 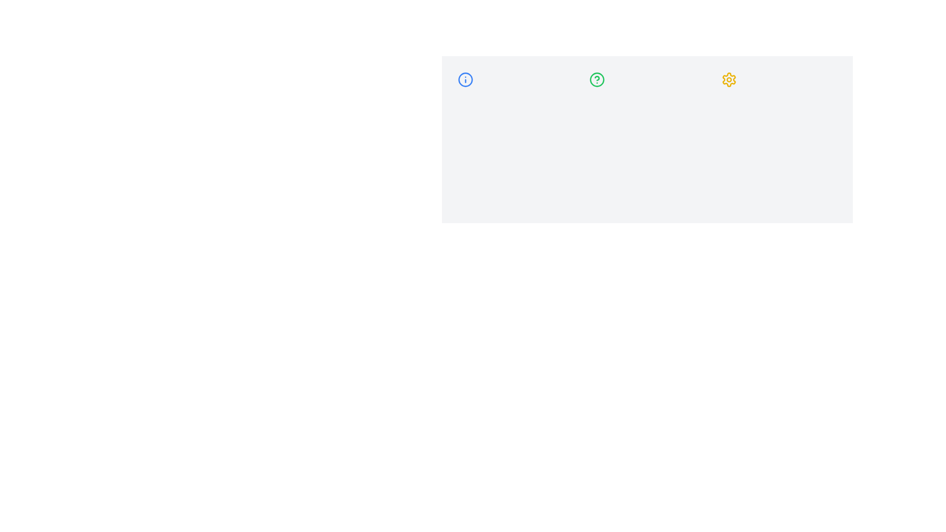 What do you see at coordinates (597, 79) in the screenshot?
I see `the green circular icon with a question mark at its center` at bounding box center [597, 79].